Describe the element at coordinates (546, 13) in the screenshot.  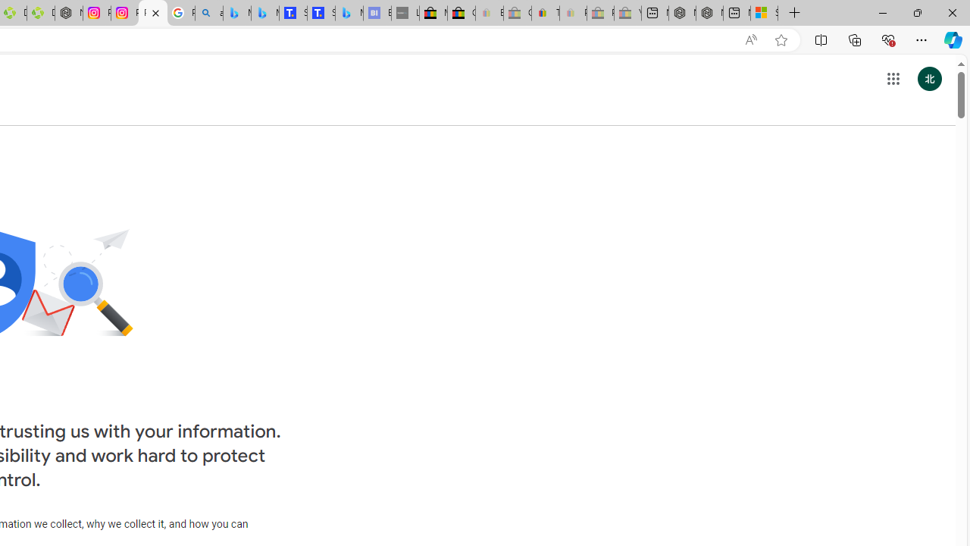
I see `'Threats and offensive language policy | eBay'` at that location.